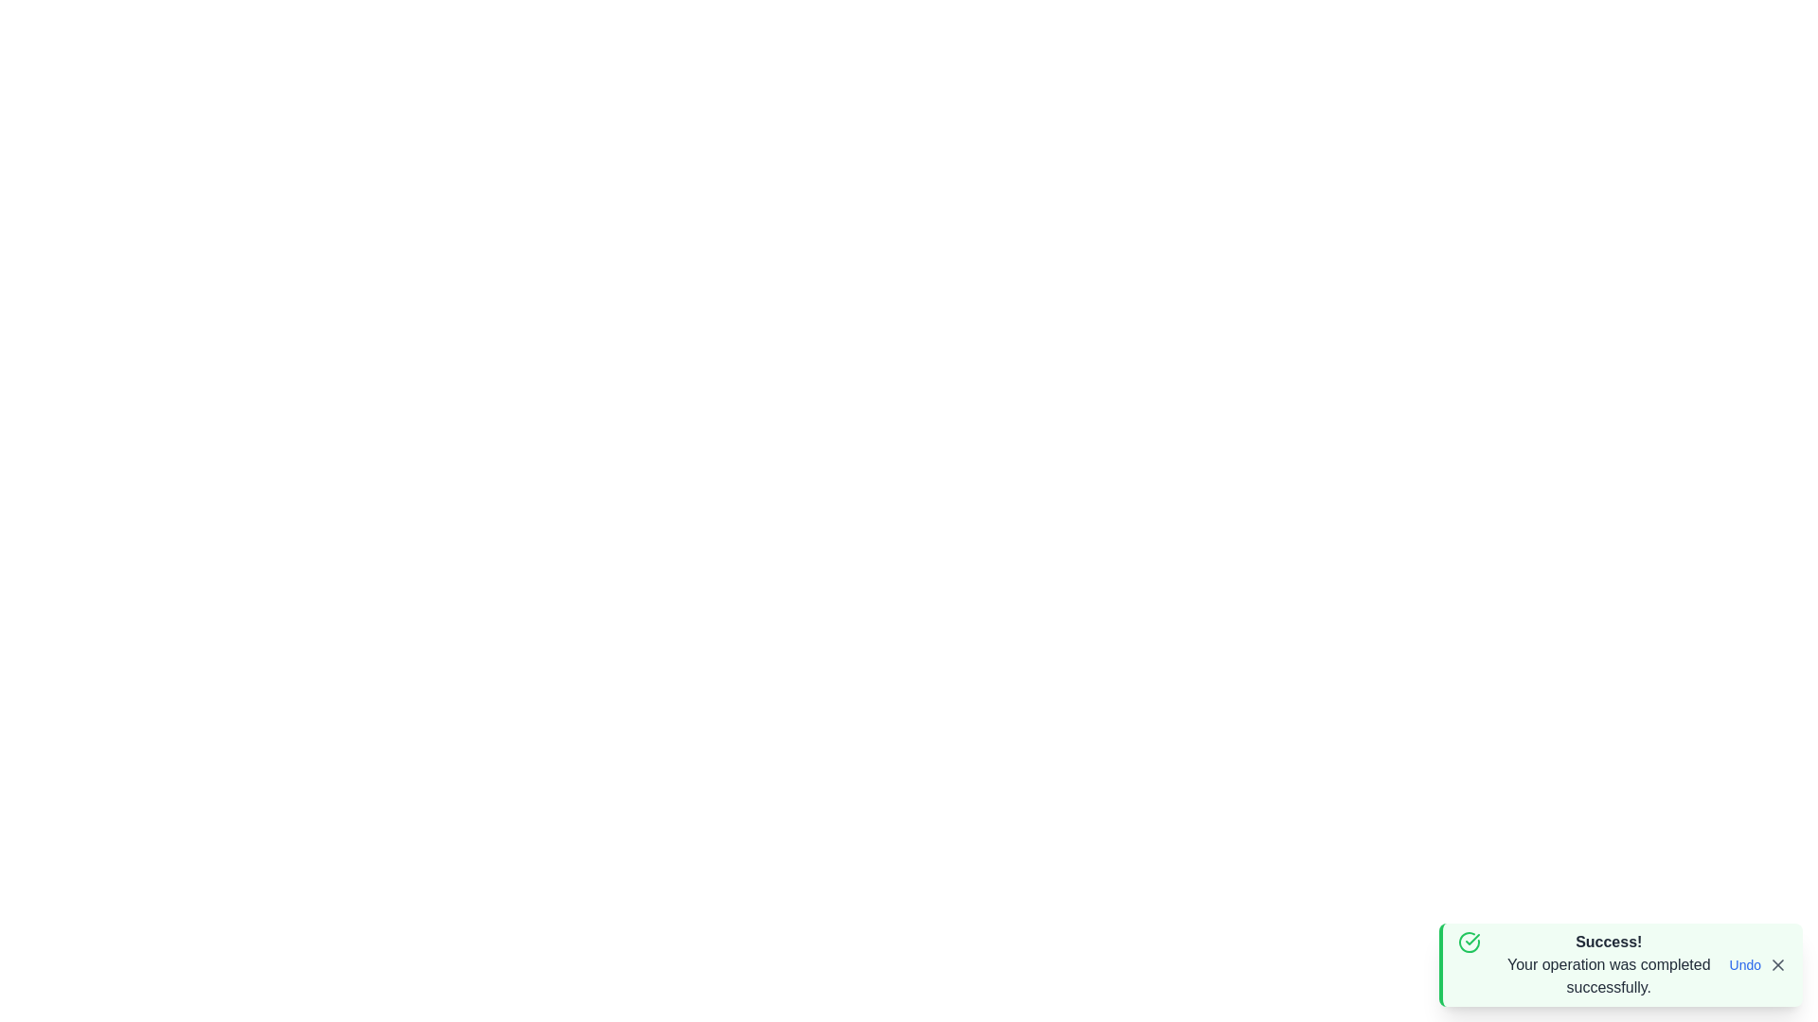  I want to click on 'Undo' button on the snackbar, so click(1744, 964).